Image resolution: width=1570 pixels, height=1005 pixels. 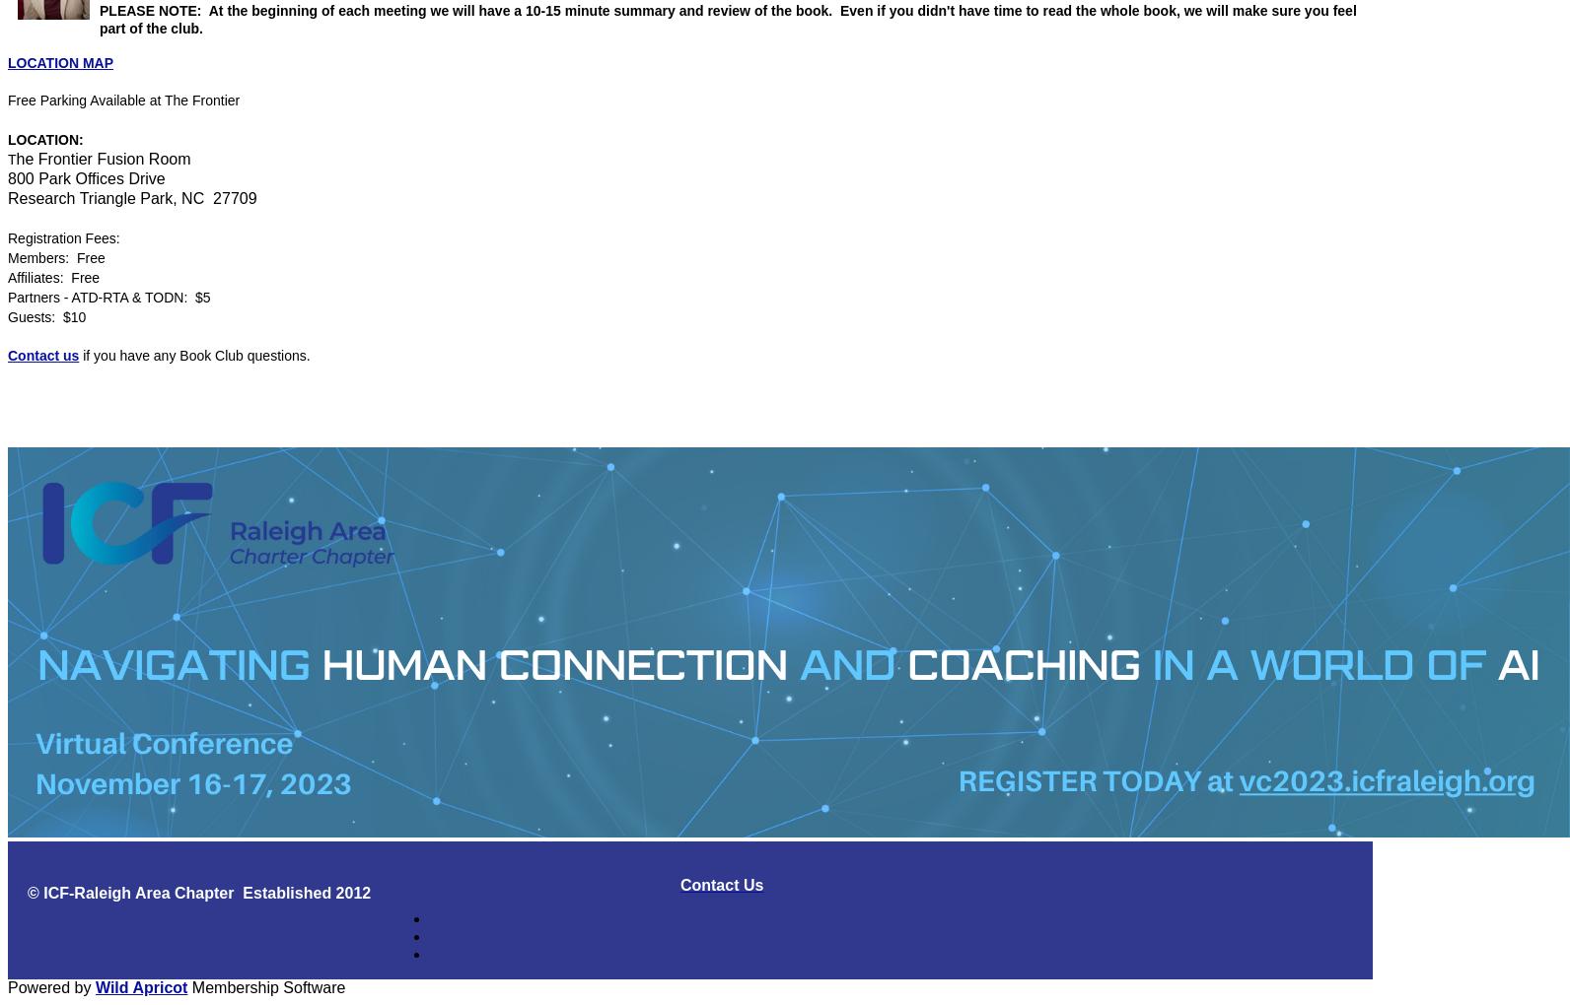 What do you see at coordinates (140, 986) in the screenshot?
I see `'Wild Apricot'` at bounding box center [140, 986].